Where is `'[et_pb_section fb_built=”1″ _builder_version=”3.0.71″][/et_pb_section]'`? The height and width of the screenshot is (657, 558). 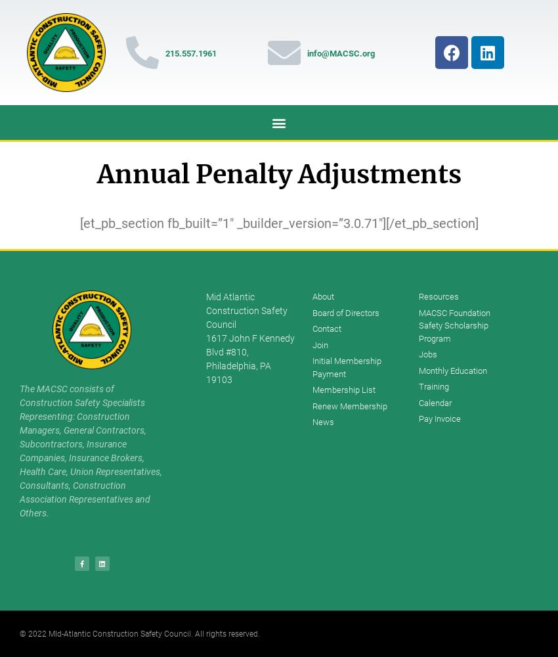 '[et_pb_section fb_built=”1″ _builder_version=”3.0.71″][/et_pb_section]' is located at coordinates (278, 223).